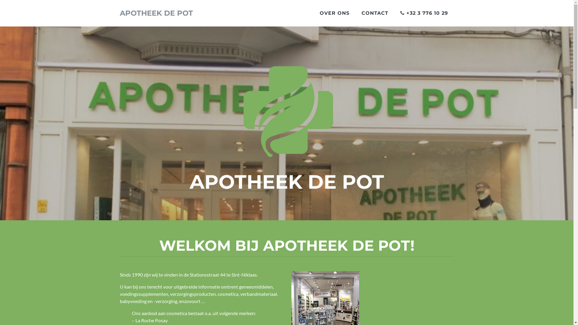 The height and width of the screenshot is (325, 578). Describe the element at coordinates (374, 13) in the screenshot. I see `'CONTACT'` at that location.